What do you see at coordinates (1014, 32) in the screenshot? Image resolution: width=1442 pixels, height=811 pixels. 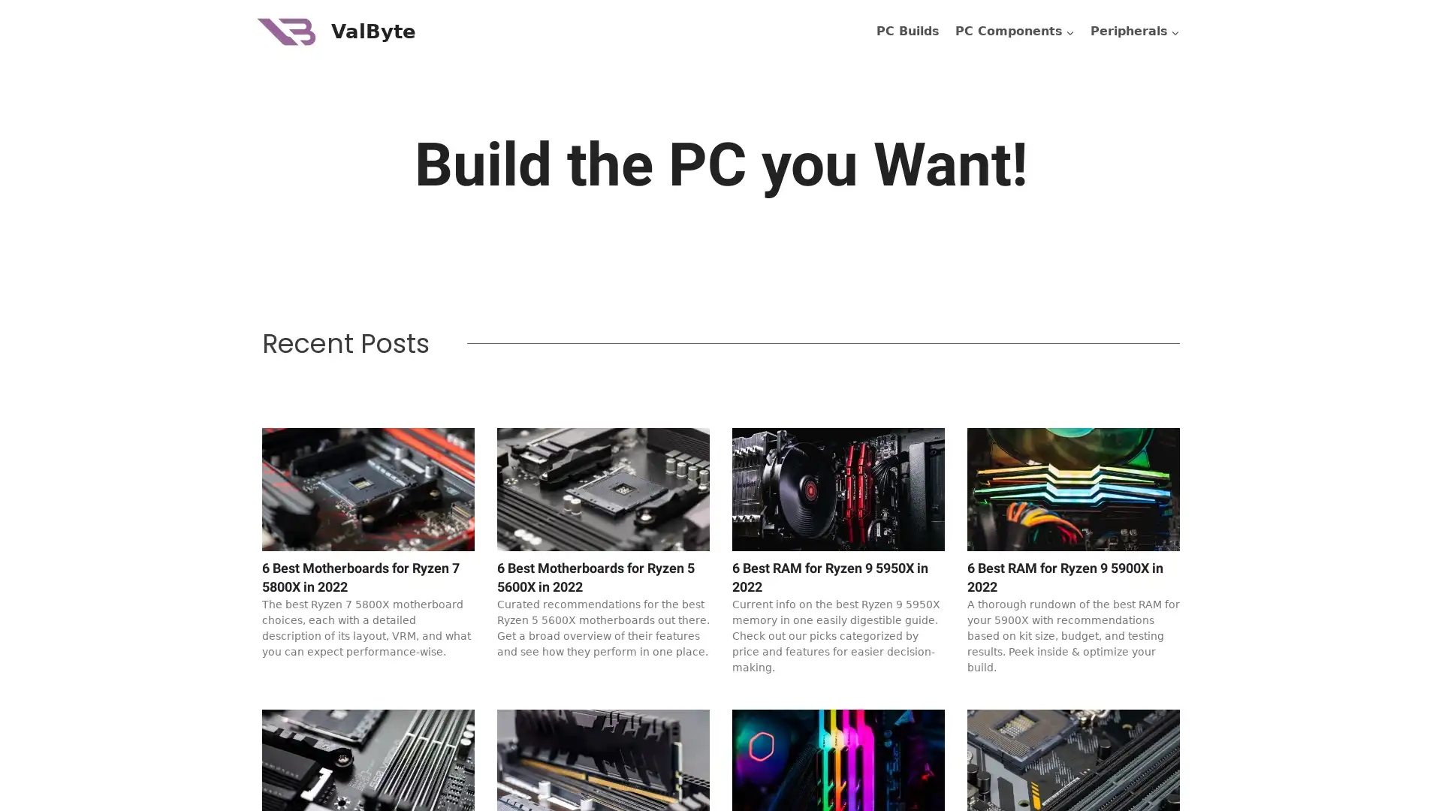 I see `Expand child menu` at bounding box center [1014, 32].